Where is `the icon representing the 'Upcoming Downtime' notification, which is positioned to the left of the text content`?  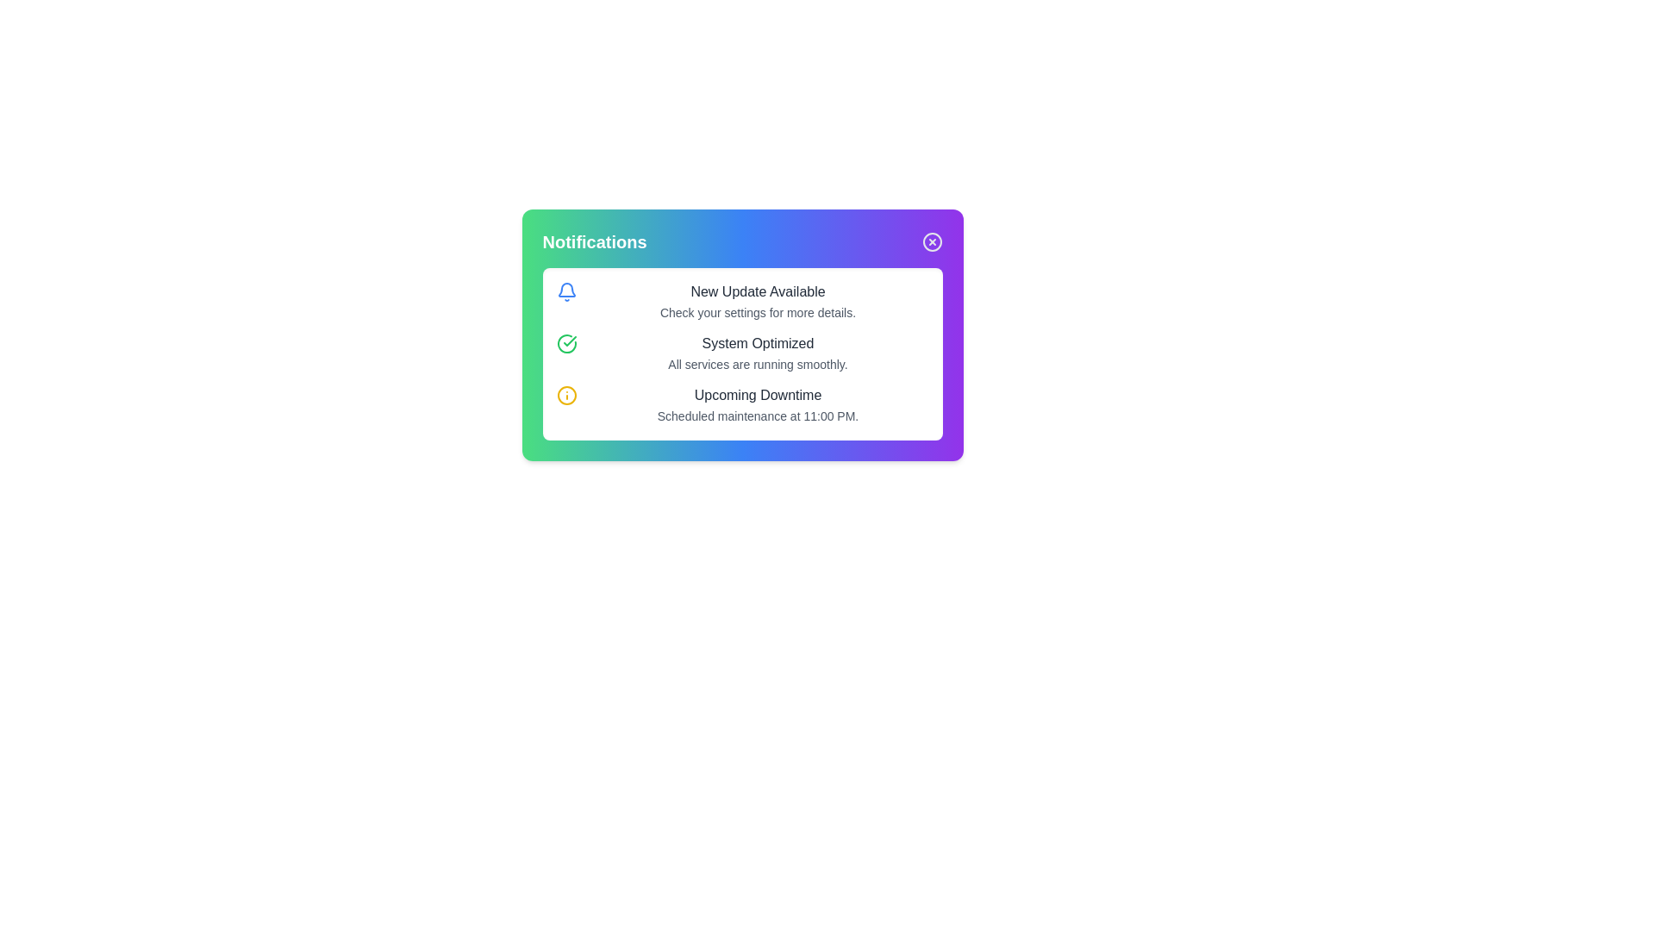
the icon representing the 'Upcoming Downtime' notification, which is positioned to the left of the text content is located at coordinates (566, 396).